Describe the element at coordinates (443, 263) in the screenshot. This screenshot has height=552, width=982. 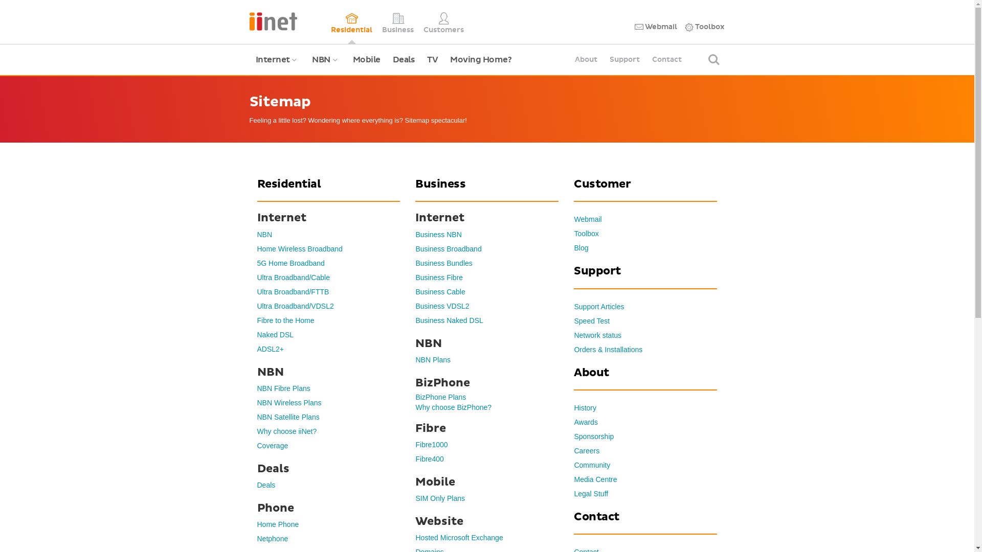
I see `'Business Bundles'` at that location.